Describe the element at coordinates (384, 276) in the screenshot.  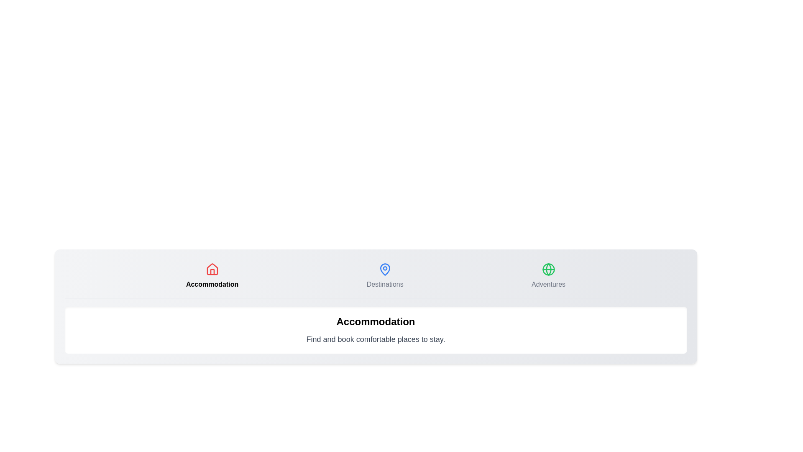
I see `the tab labeled Destinations` at that location.